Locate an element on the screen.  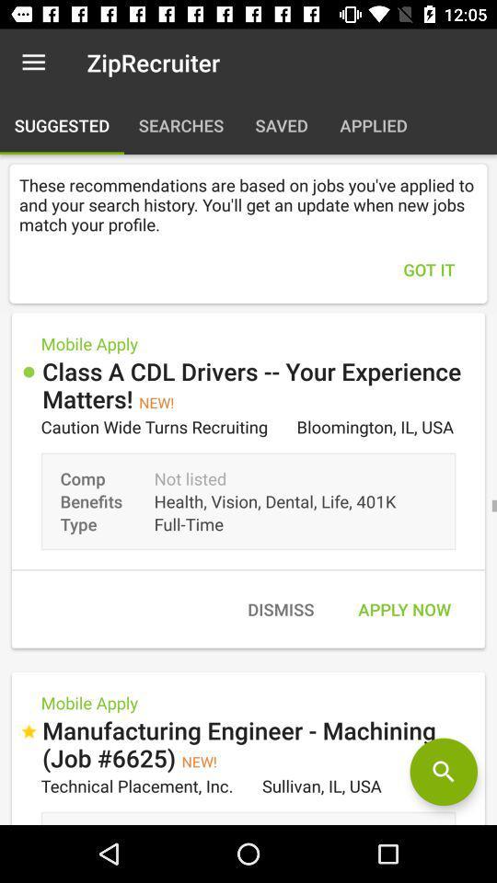
item next to the apply now item is located at coordinates (281, 609).